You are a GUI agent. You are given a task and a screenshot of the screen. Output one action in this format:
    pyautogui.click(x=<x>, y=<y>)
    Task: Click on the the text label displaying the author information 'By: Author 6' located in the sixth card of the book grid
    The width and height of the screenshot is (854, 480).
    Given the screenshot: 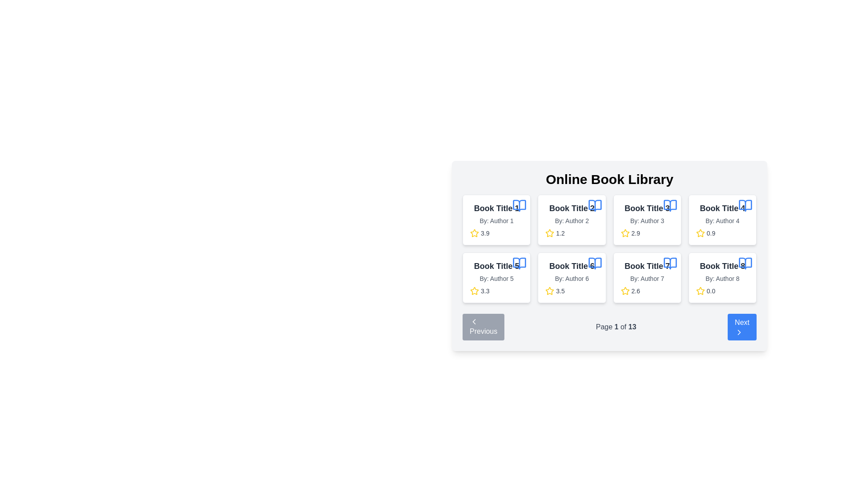 What is the action you would take?
    pyautogui.click(x=572, y=278)
    